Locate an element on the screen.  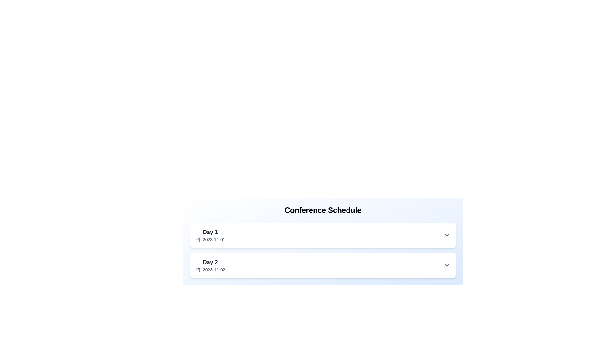
the Dropdown indicator (chevron icon) for keyboard interaction is located at coordinates (447, 235).